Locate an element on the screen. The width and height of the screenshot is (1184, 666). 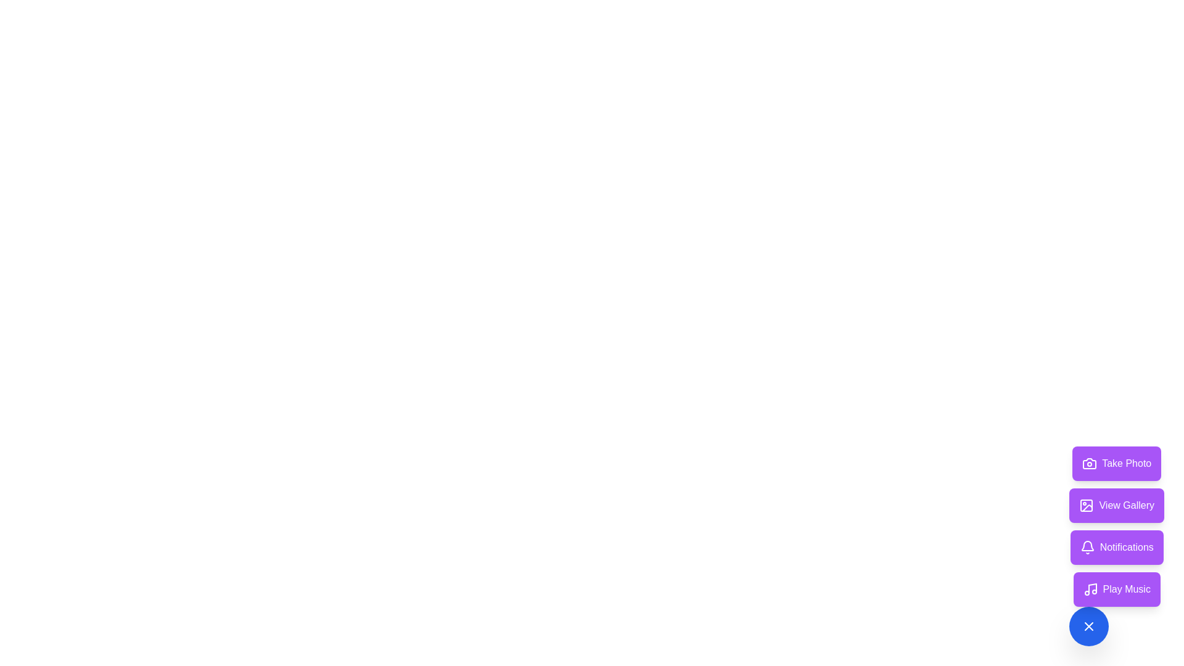
the text label inside the notifications button, which is the third button in the vertically aligned menu, located between 'View Gallery' and 'Play Music' is located at coordinates (1127, 546).